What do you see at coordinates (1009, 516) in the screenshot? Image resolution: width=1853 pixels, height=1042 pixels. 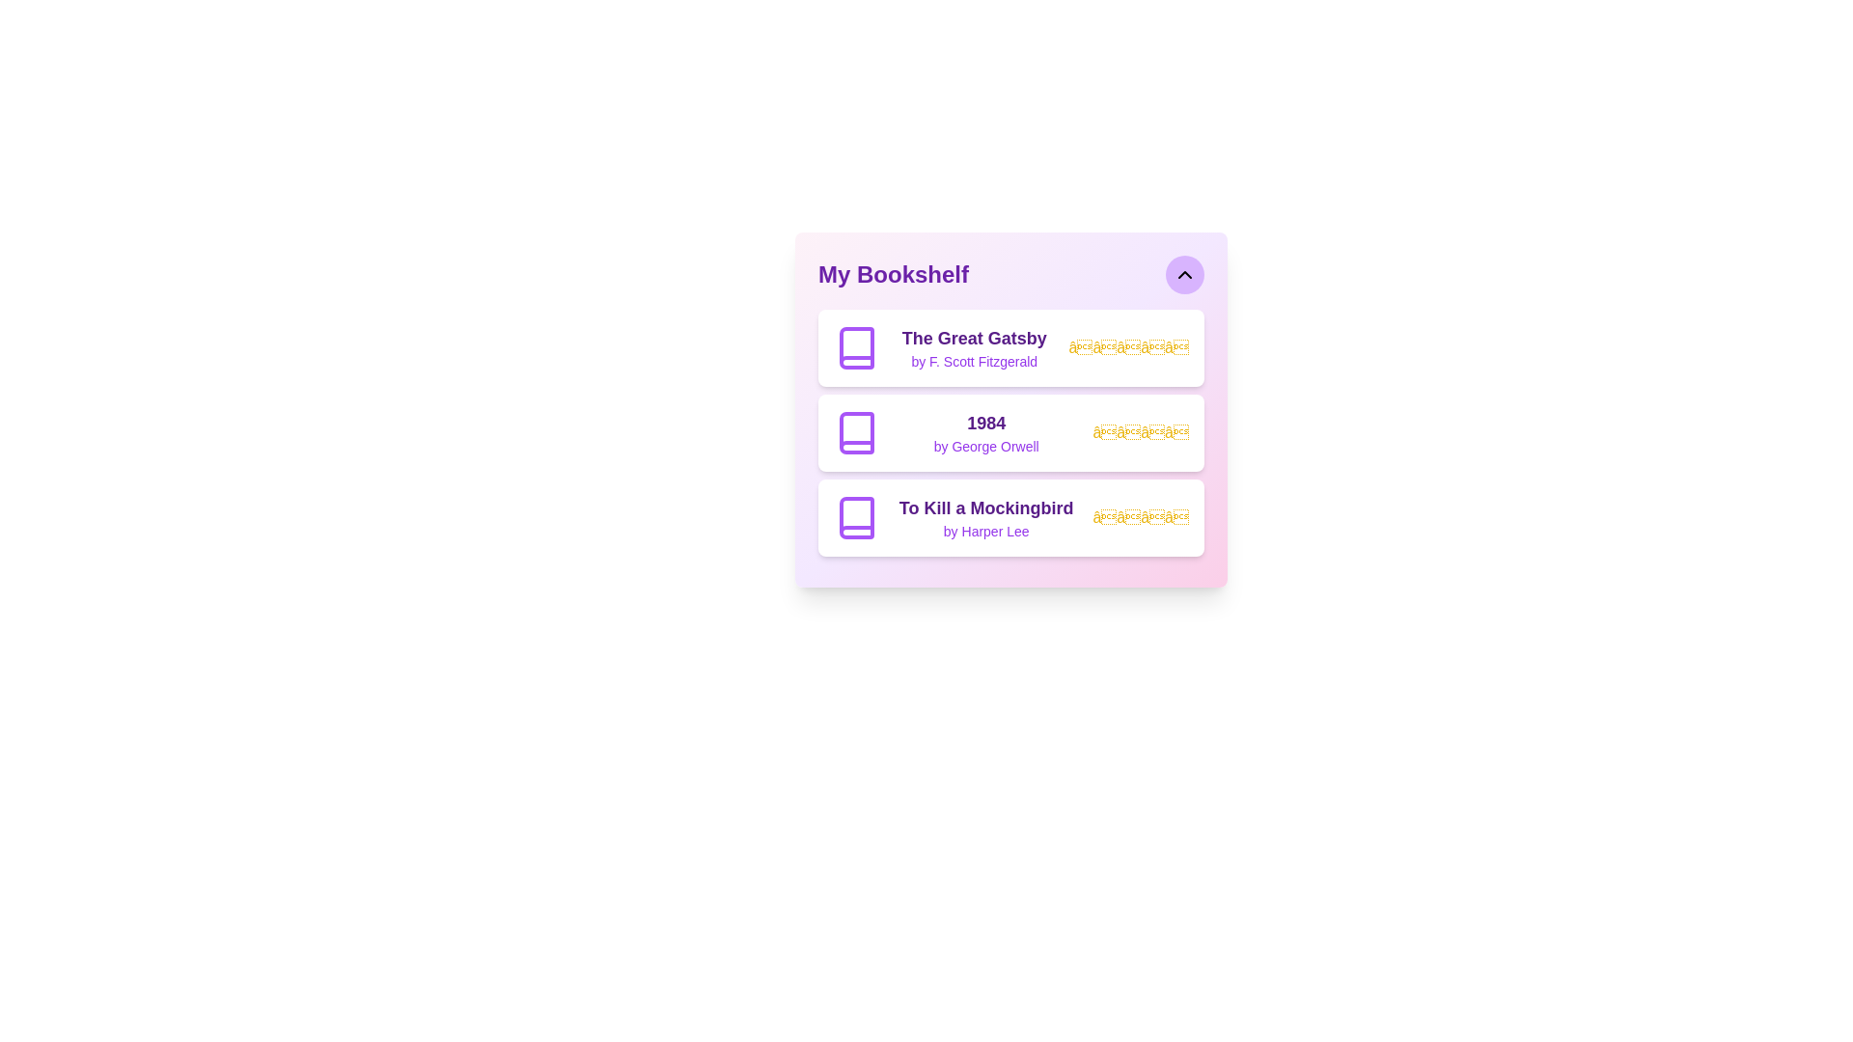 I see `the book titled To Kill a Mockingbird from the list` at bounding box center [1009, 516].